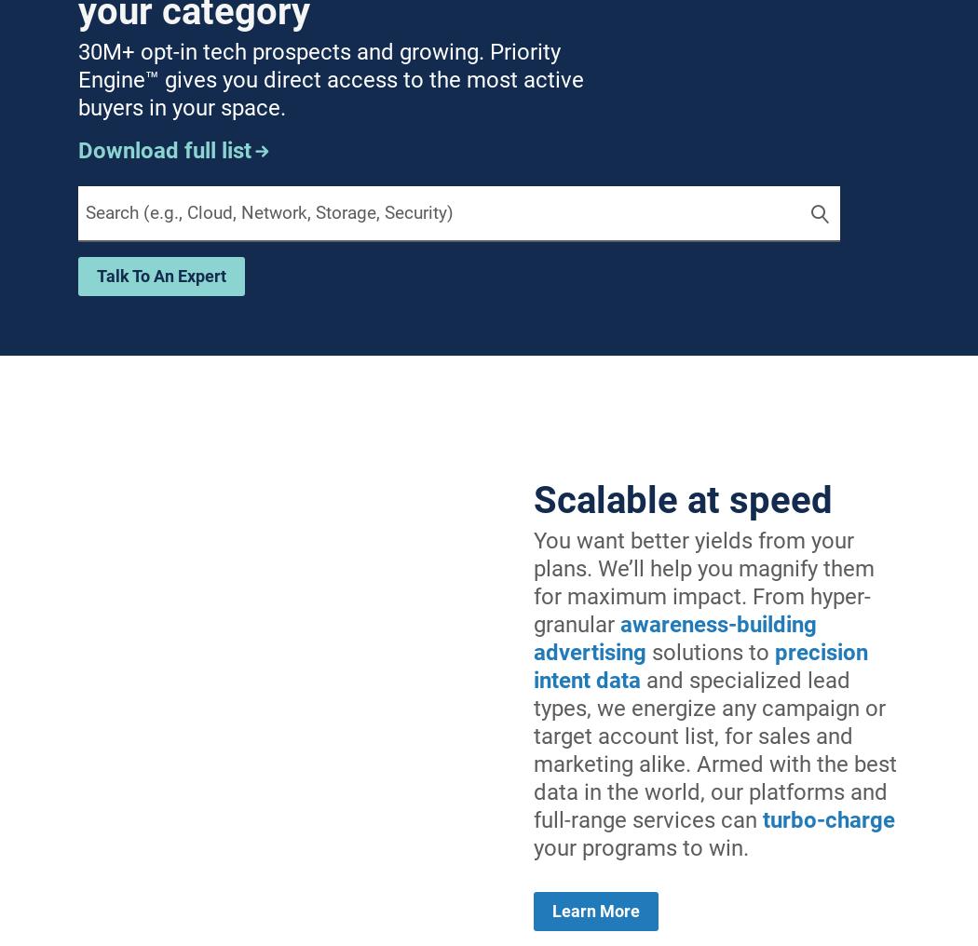 The height and width of the screenshot is (946, 978). Describe the element at coordinates (532, 498) in the screenshot. I see `'Scalable at speed'` at that location.